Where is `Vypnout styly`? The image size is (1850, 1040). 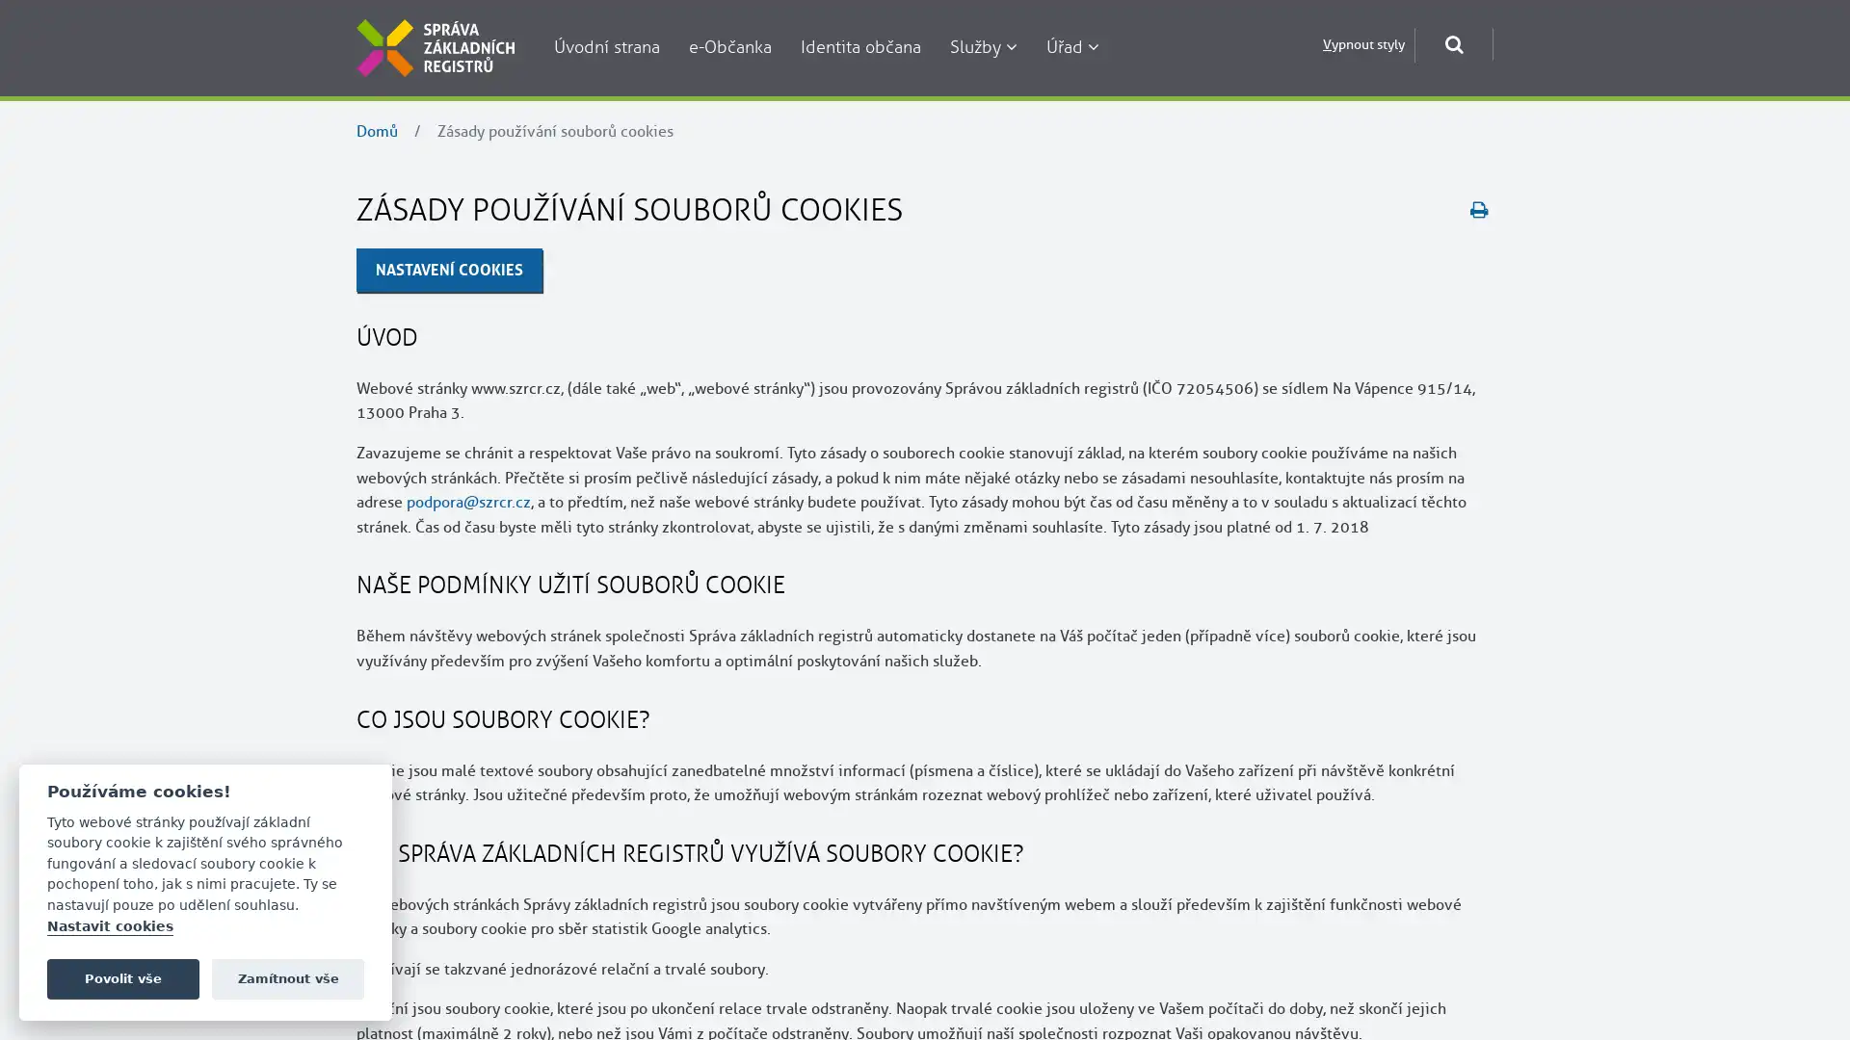
Vypnout styly is located at coordinates (1362, 43).